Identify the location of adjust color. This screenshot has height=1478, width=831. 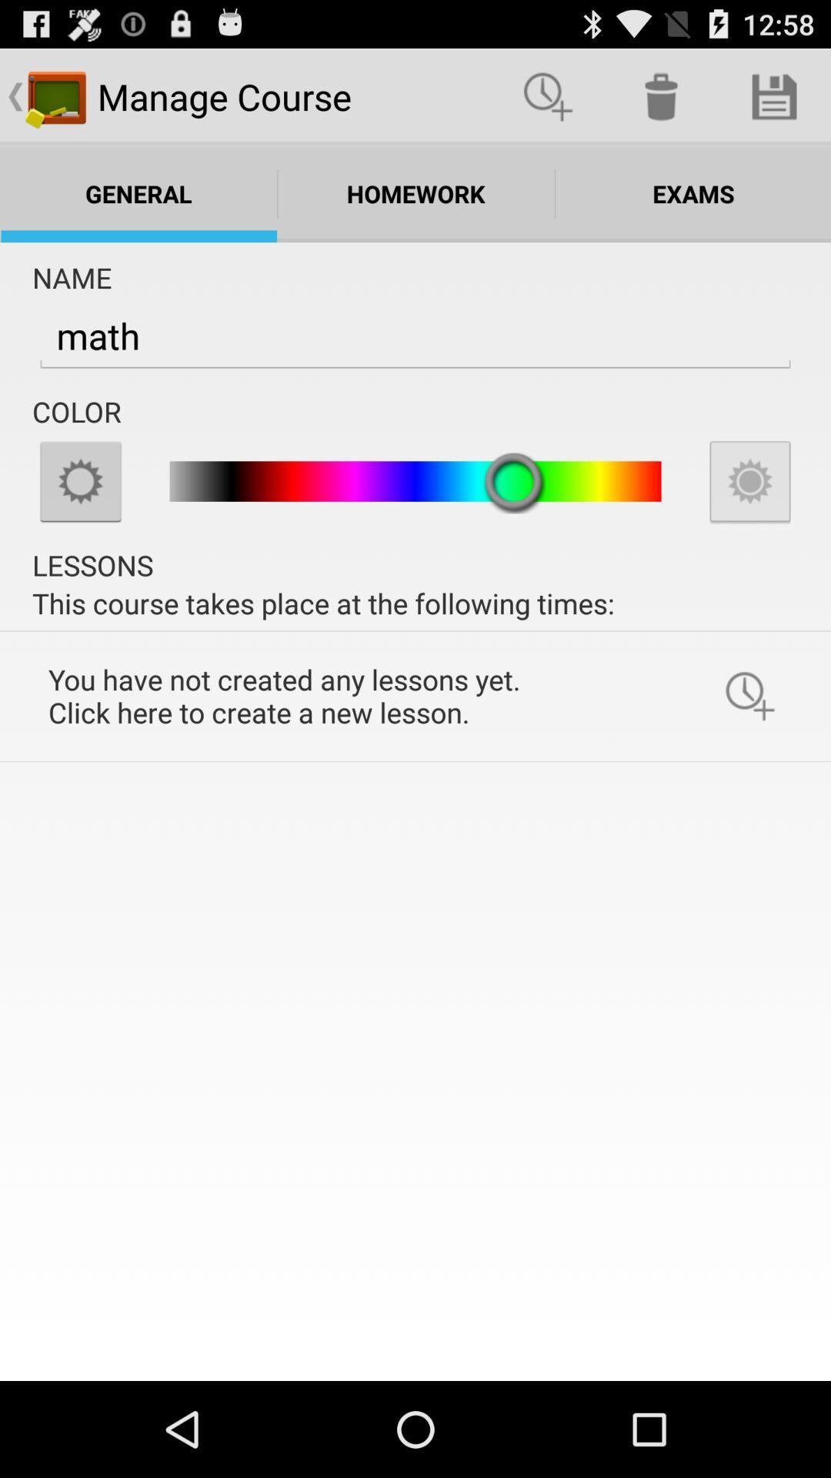
(80, 480).